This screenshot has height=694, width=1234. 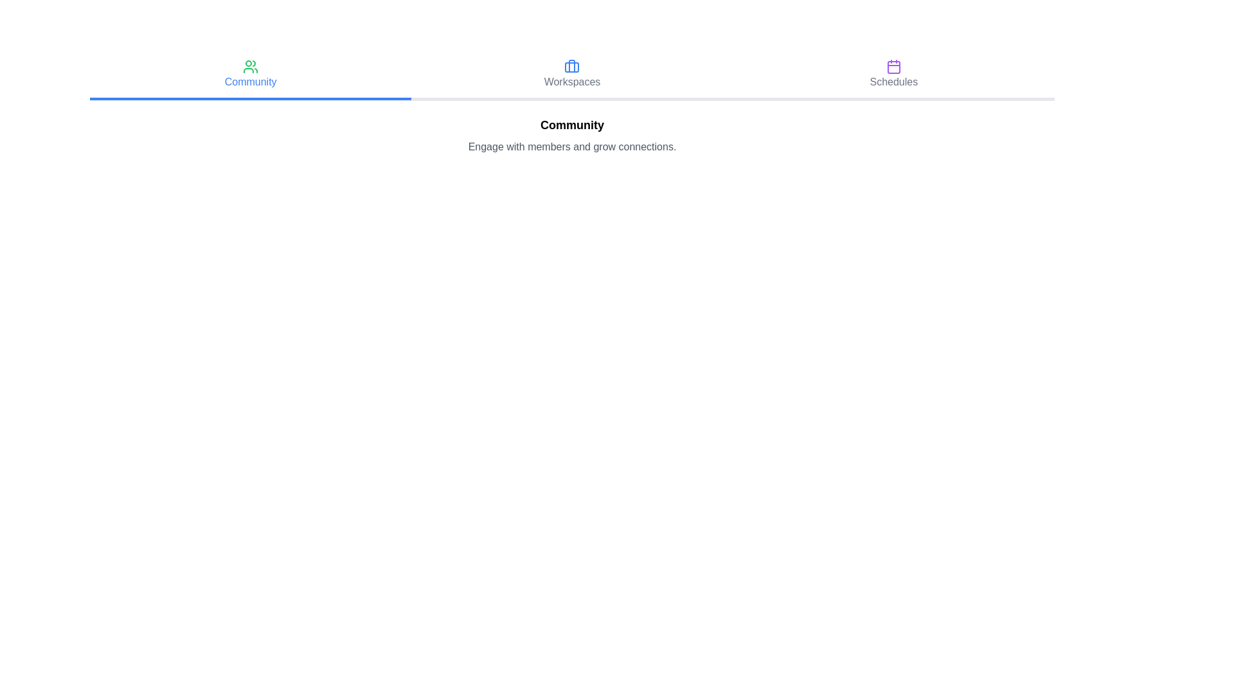 What do you see at coordinates (571, 76) in the screenshot?
I see `the Workspaces tab to navigate to its content` at bounding box center [571, 76].